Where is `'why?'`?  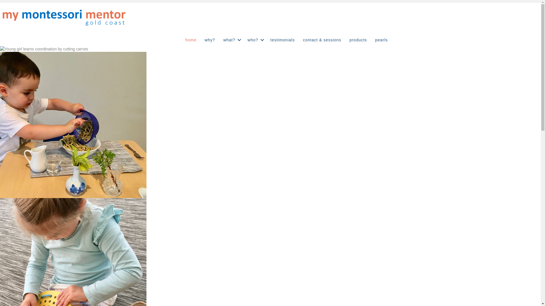
'why?' is located at coordinates (209, 40).